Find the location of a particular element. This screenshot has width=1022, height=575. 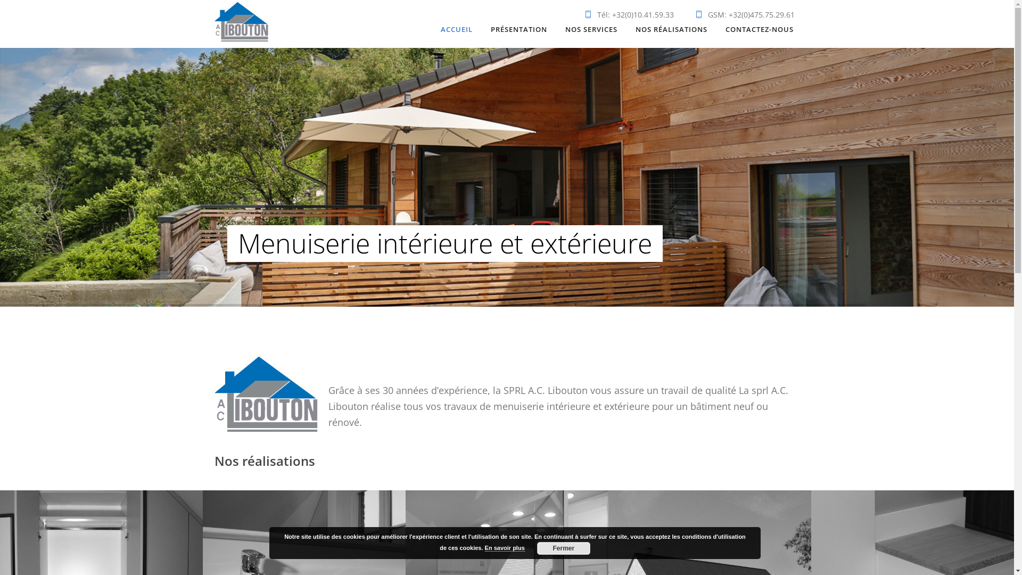

'Fermer' is located at coordinates (563, 548).